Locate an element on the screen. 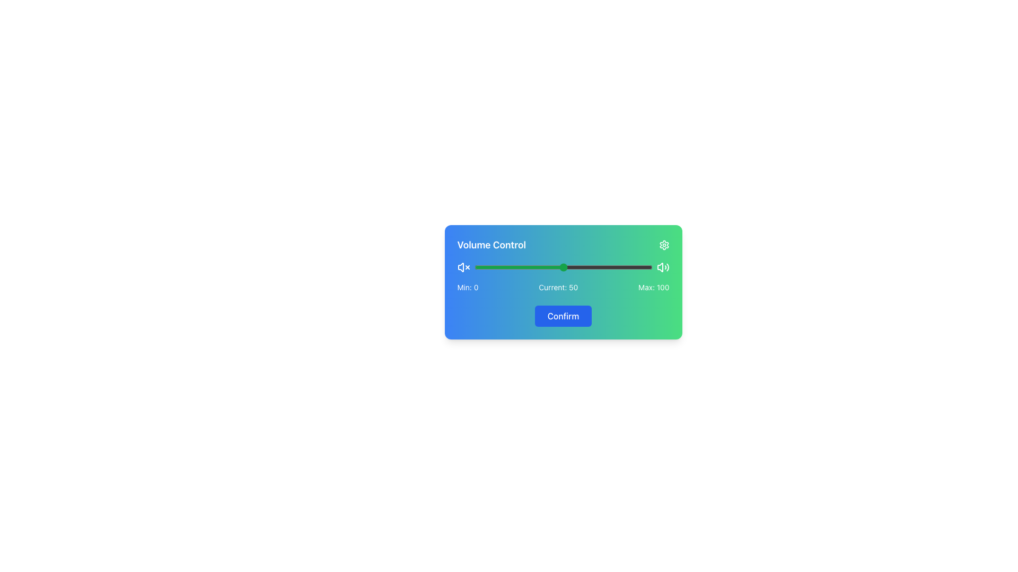 The width and height of the screenshot is (1018, 572). the settings icon in the top-right corner of the Volume Control panel is located at coordinates (663, 245).